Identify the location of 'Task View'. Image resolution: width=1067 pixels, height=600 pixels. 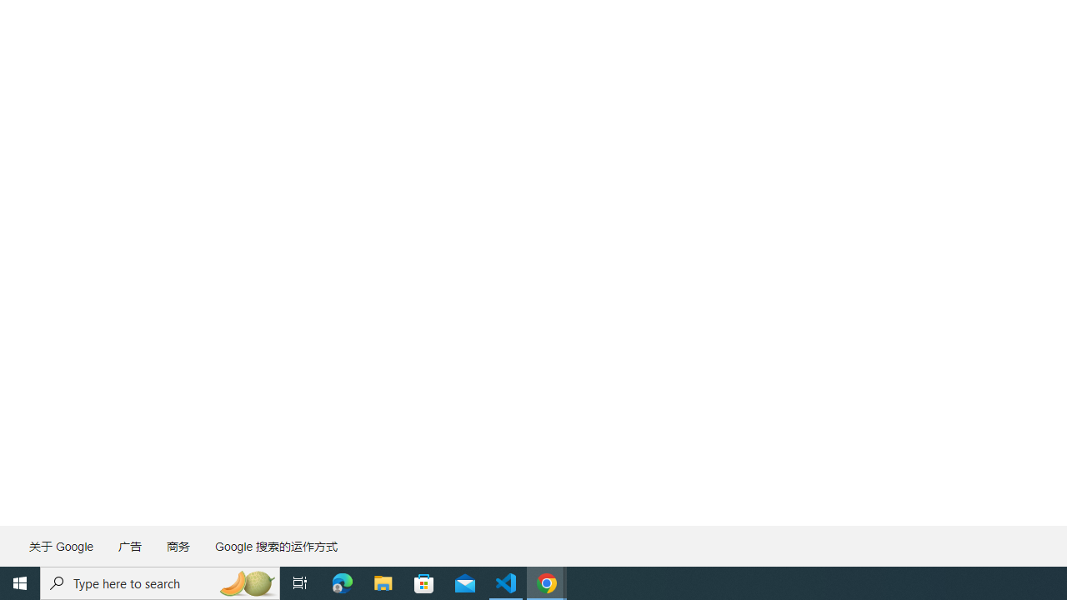
(299, 582).